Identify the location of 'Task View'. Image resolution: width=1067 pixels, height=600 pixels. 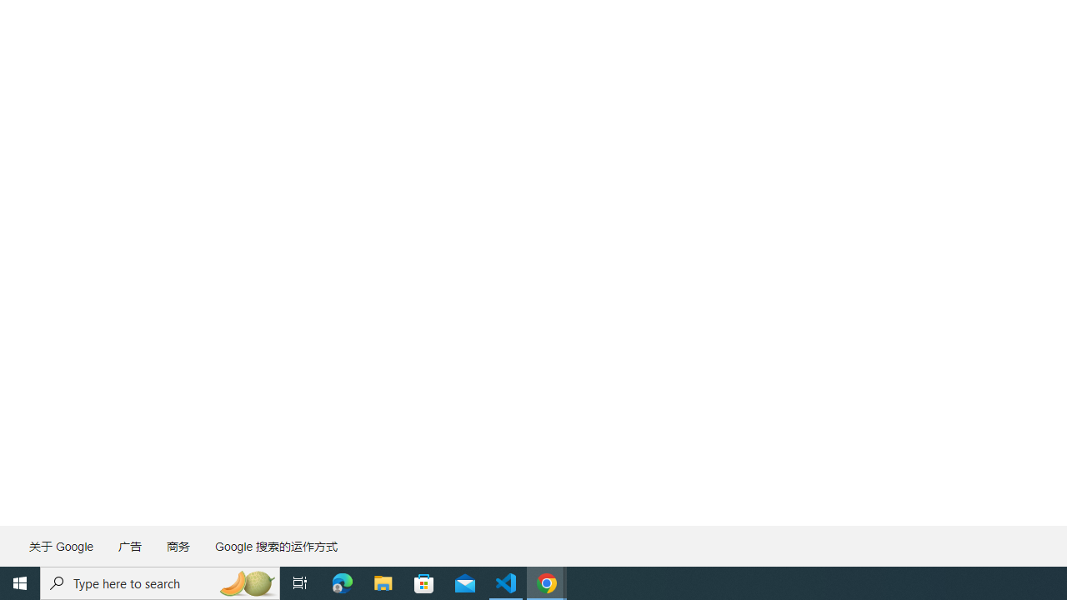
(299, 582).